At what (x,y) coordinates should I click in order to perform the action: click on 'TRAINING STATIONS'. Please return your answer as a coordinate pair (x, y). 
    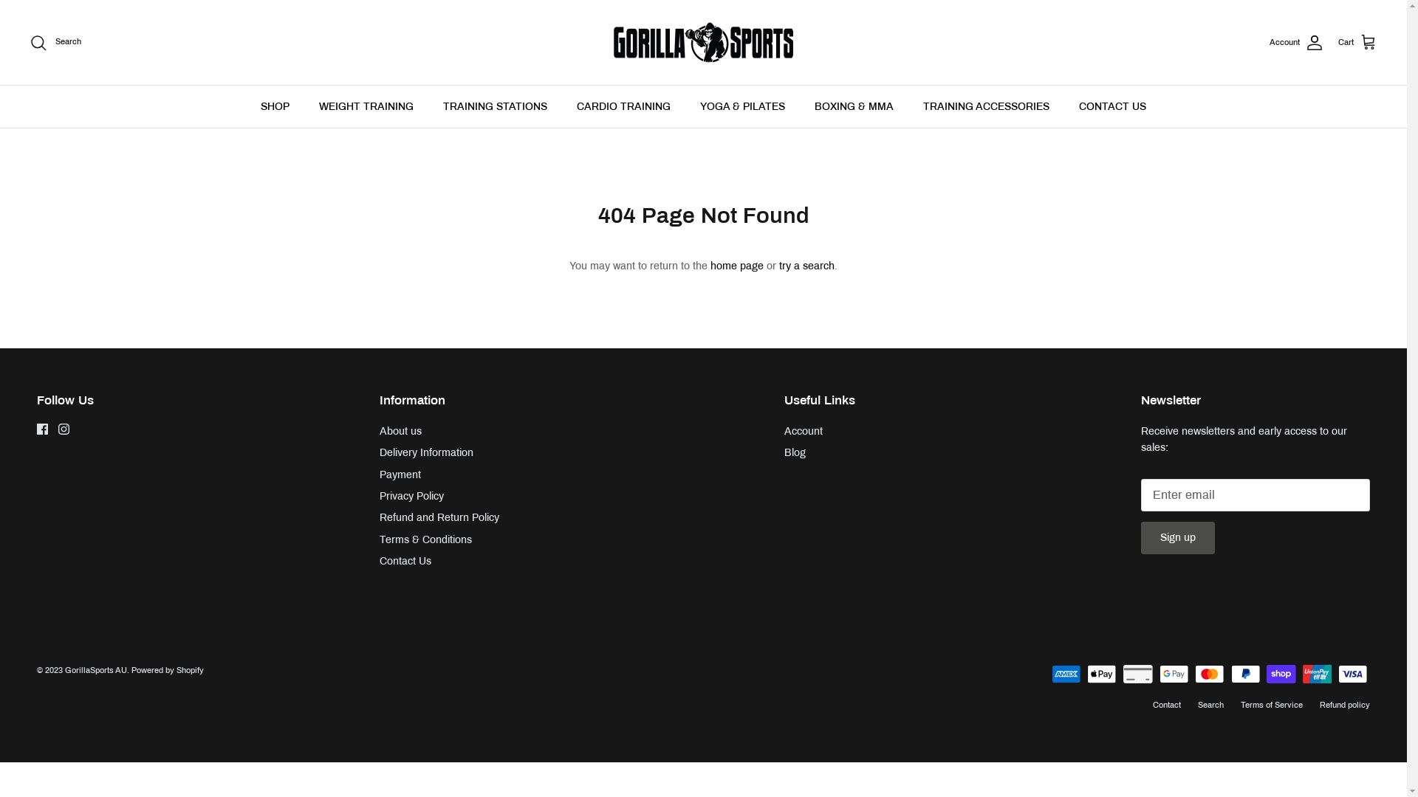
    Looking at the image, I should click on (428, 106).